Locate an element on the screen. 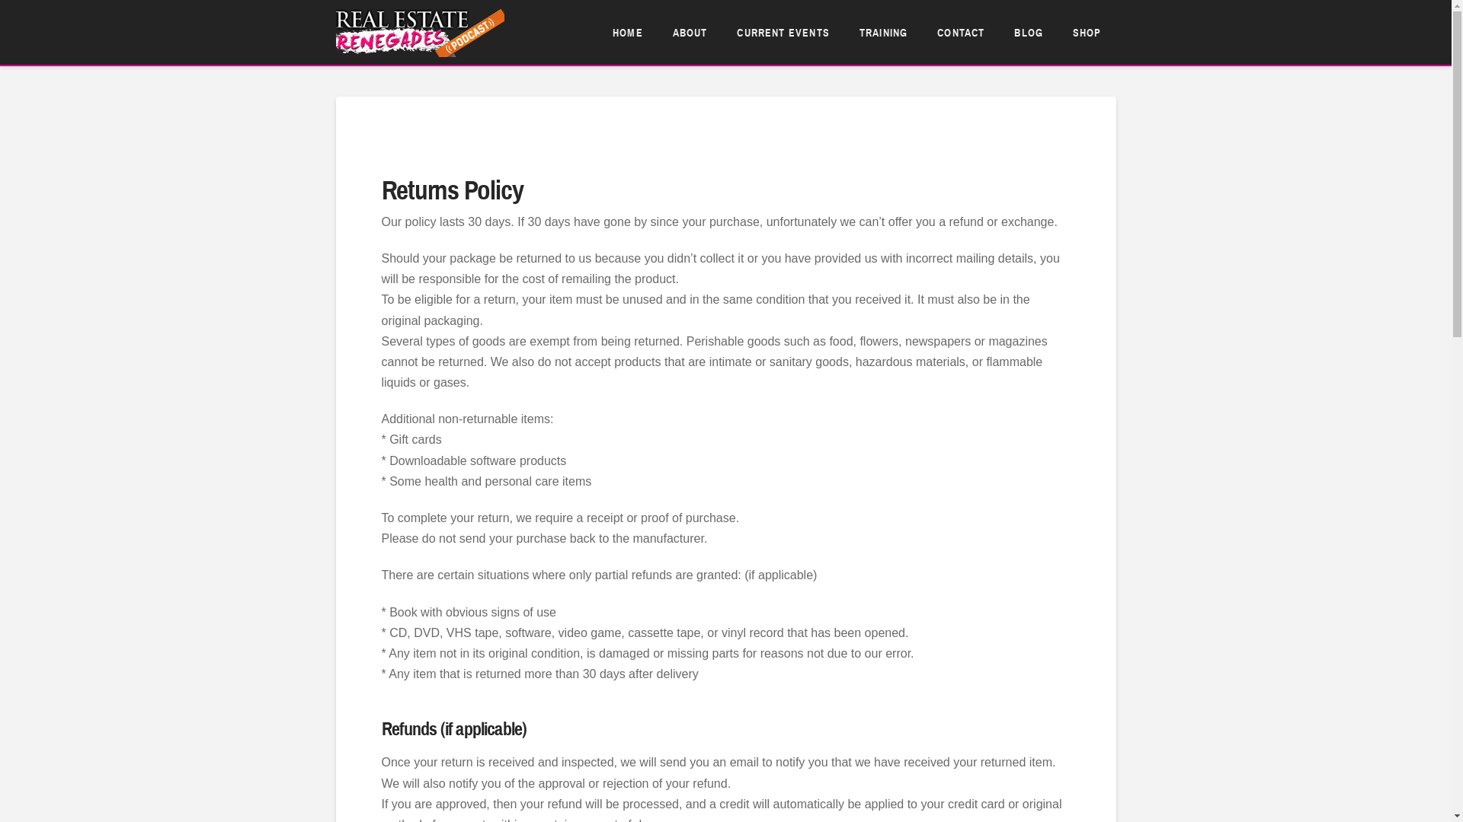 The image size is (1463, 822). 'CURRENT EVENTS' is located at coordinates (783, 32).